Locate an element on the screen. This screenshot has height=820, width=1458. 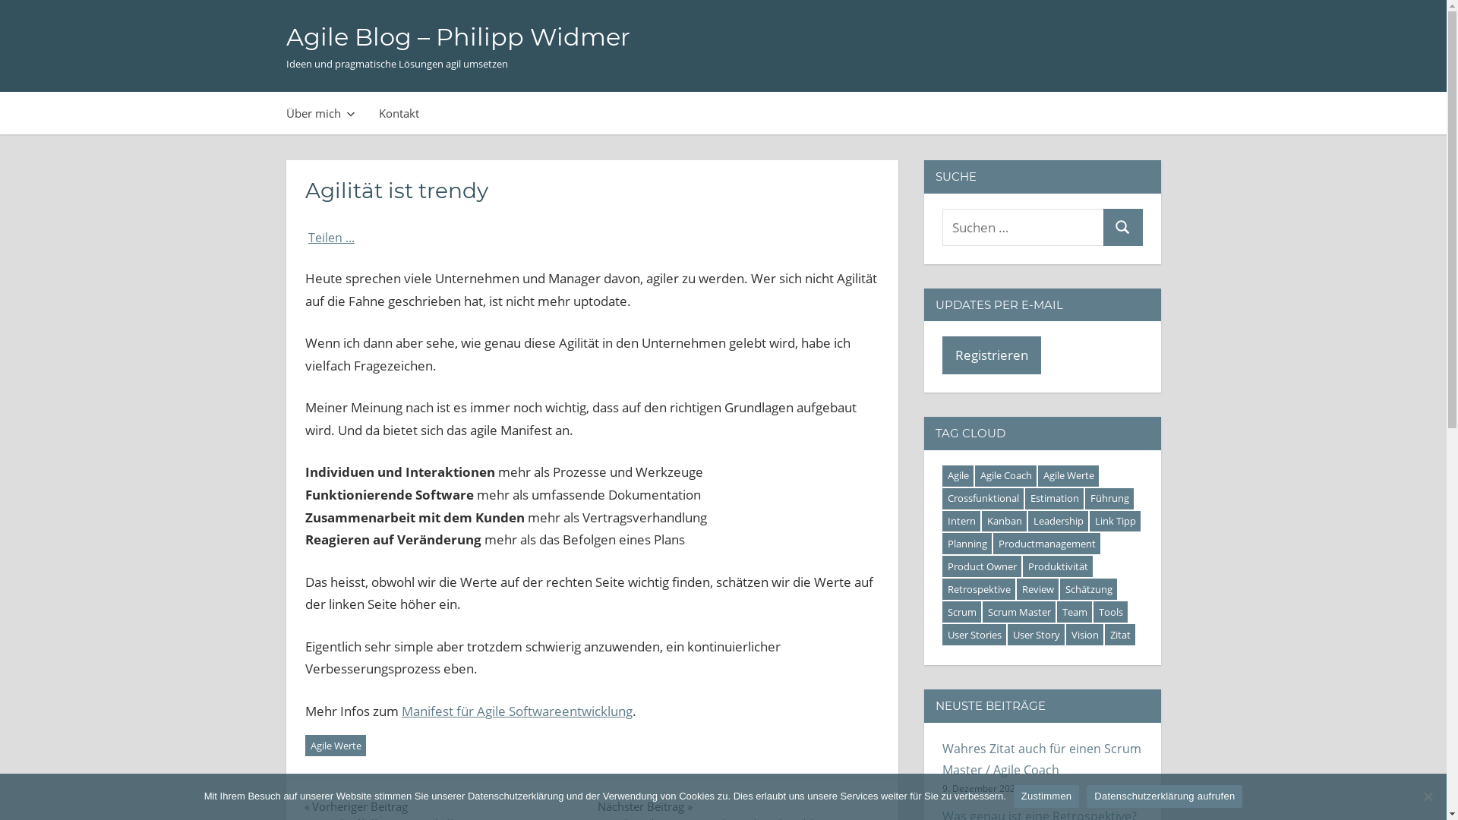
'Intern' is located at coordinates (961, 520).